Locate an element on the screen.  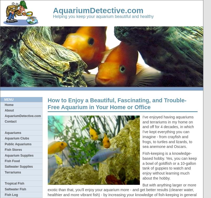
'Fish Food' is located at coordinates (12, 161).